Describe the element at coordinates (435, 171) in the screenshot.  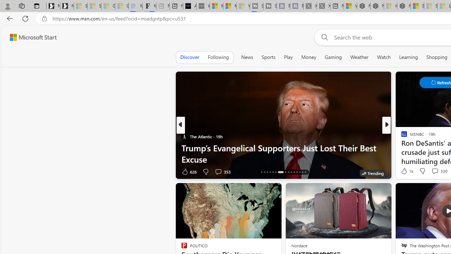
I see `'View comments 266 Comment'` at that location.